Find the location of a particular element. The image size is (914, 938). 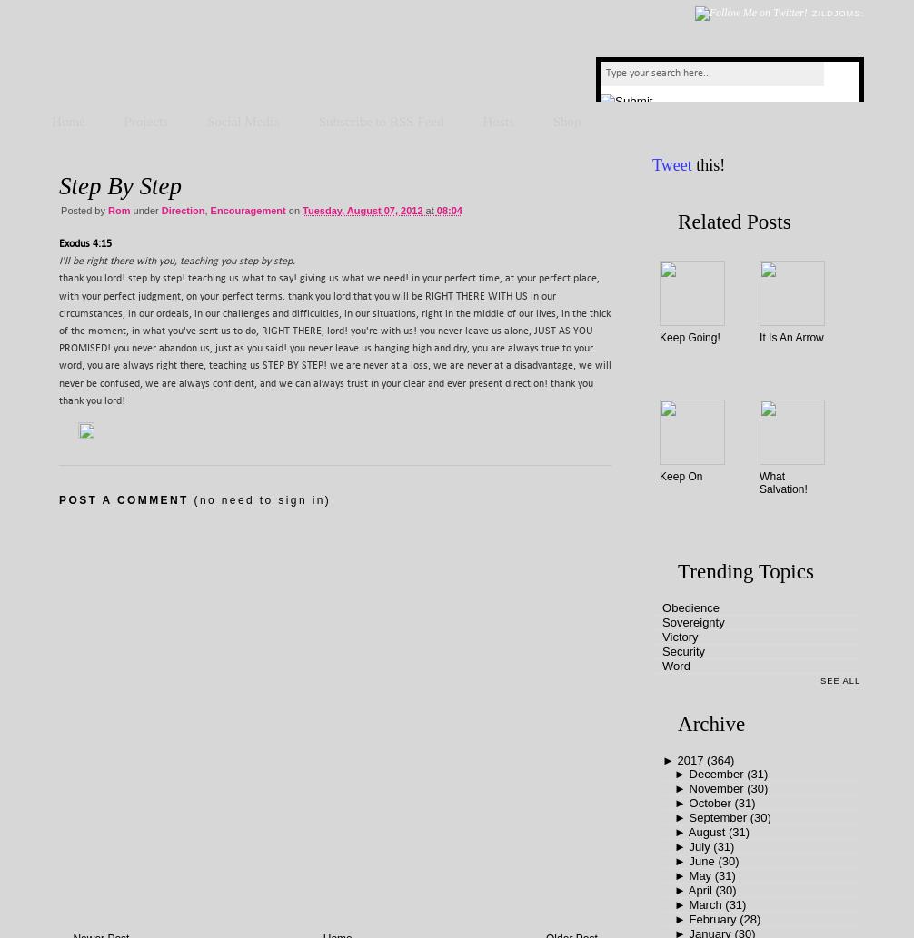

'2017' is located at coordinates (677, 760).